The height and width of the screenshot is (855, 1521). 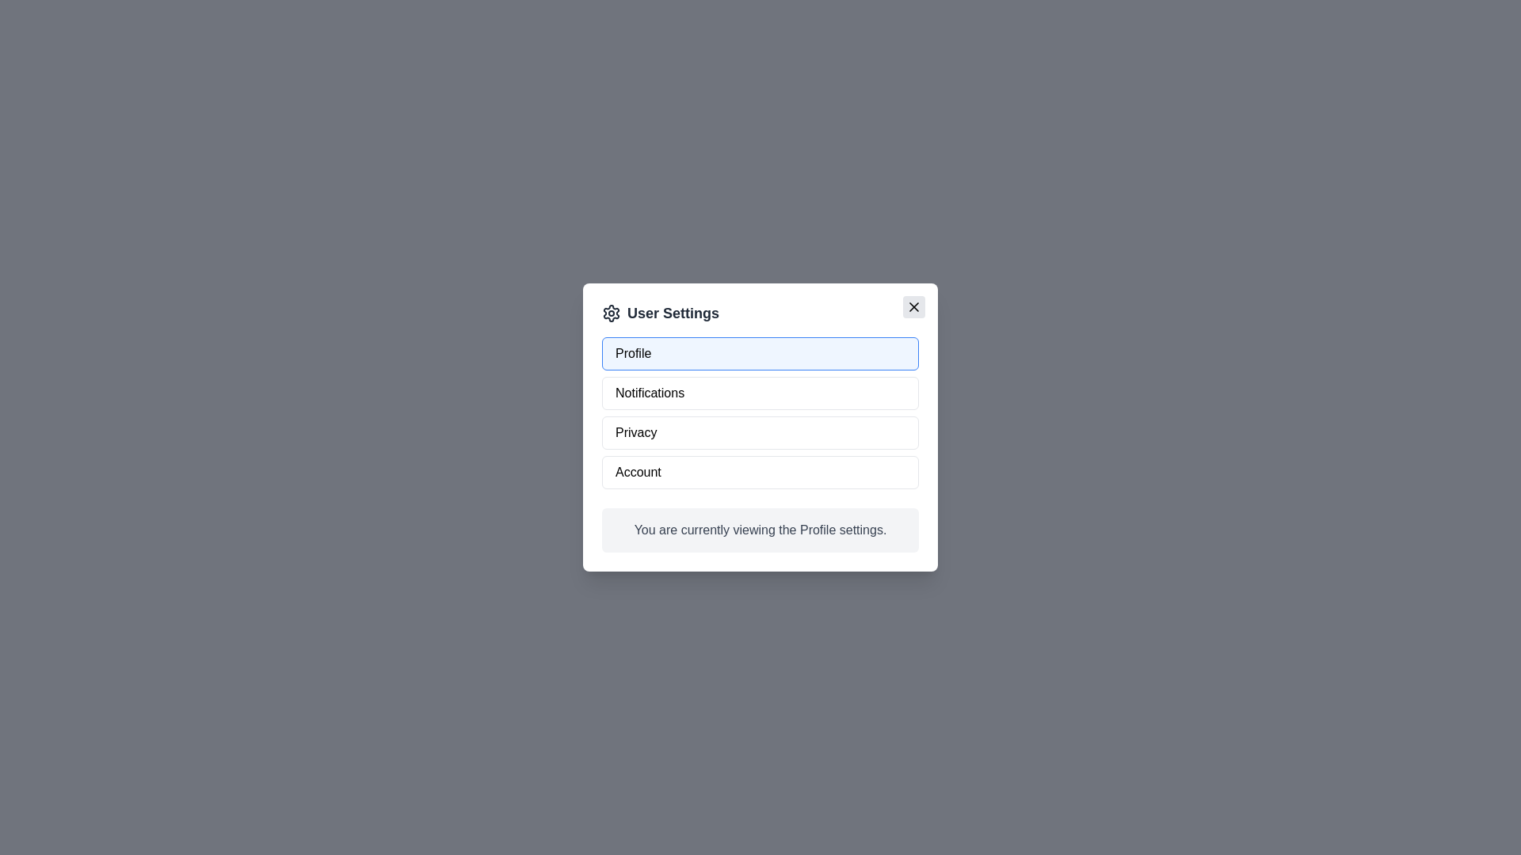 What do you see at coordinates (760, 433) in the screenshot?
I see `the setting Privacy by clicking on its button` at bounding box center [760, 433].